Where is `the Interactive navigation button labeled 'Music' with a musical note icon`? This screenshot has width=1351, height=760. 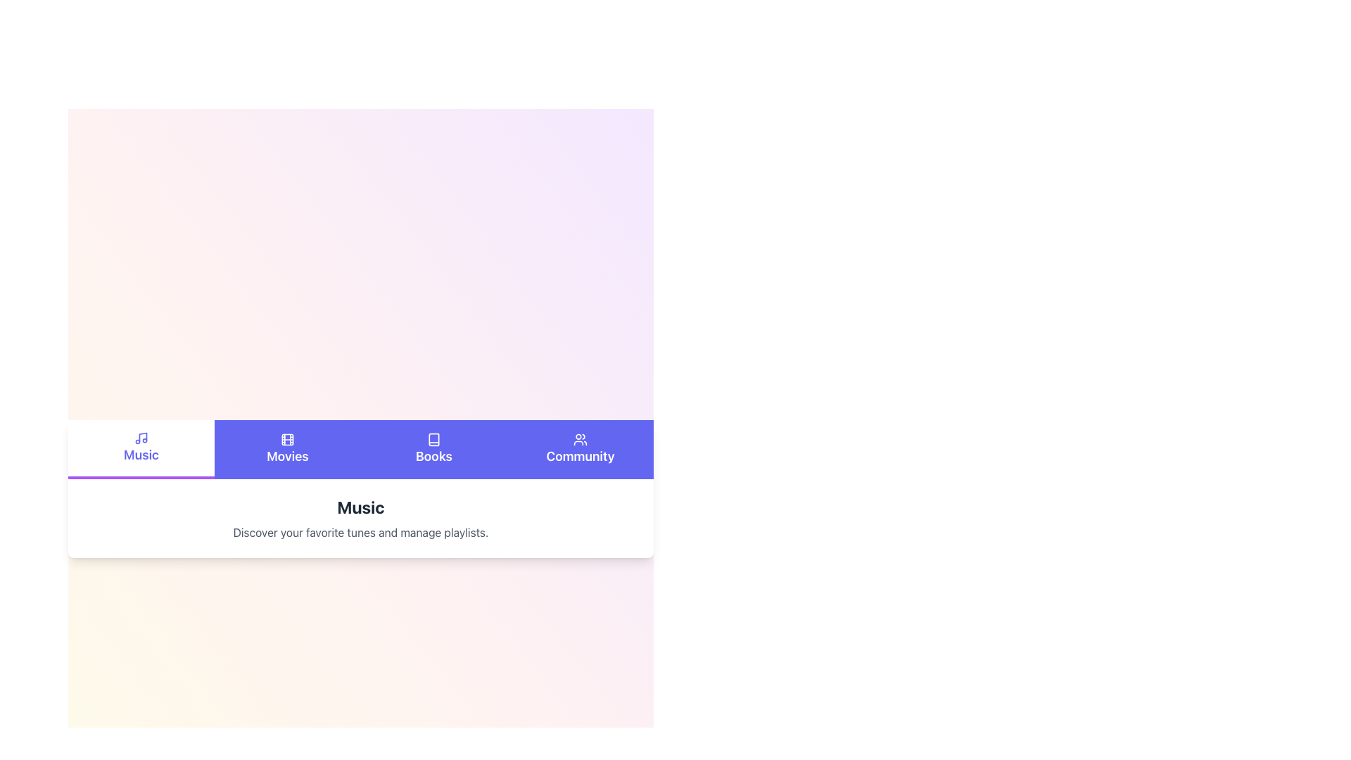 the Interactive navigation button labeled 'Music' with a musical note icon is located at coordinates (141, 448).